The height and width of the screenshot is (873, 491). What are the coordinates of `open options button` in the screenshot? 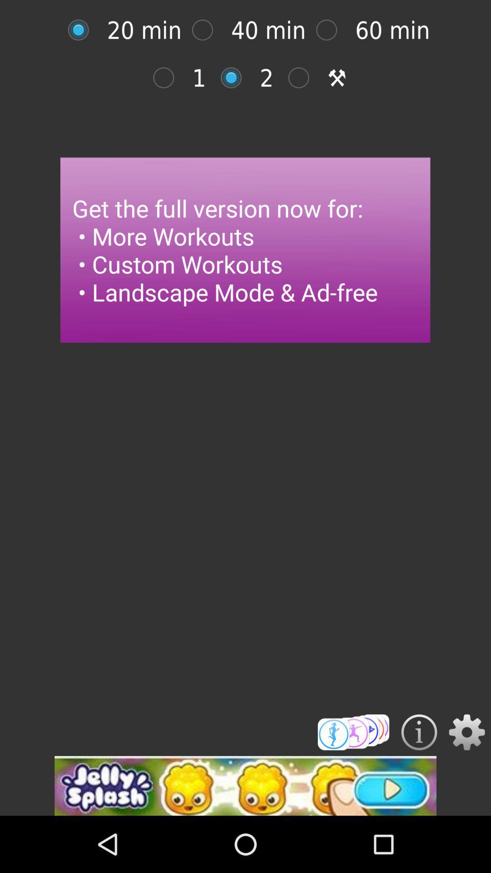 It's located at (467, 732).